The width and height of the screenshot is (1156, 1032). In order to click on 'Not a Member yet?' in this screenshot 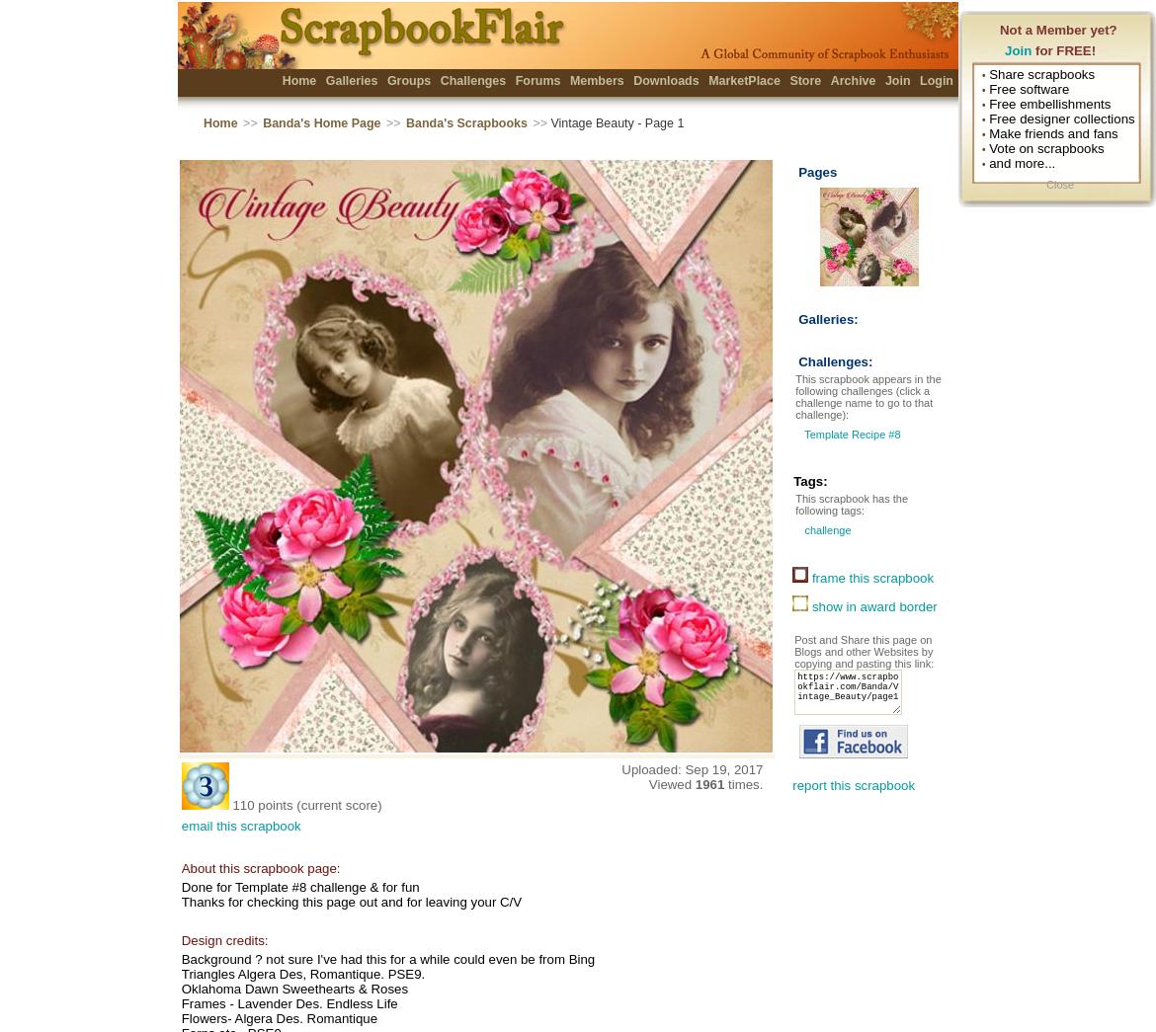, I will do `click(1058, 29)`.